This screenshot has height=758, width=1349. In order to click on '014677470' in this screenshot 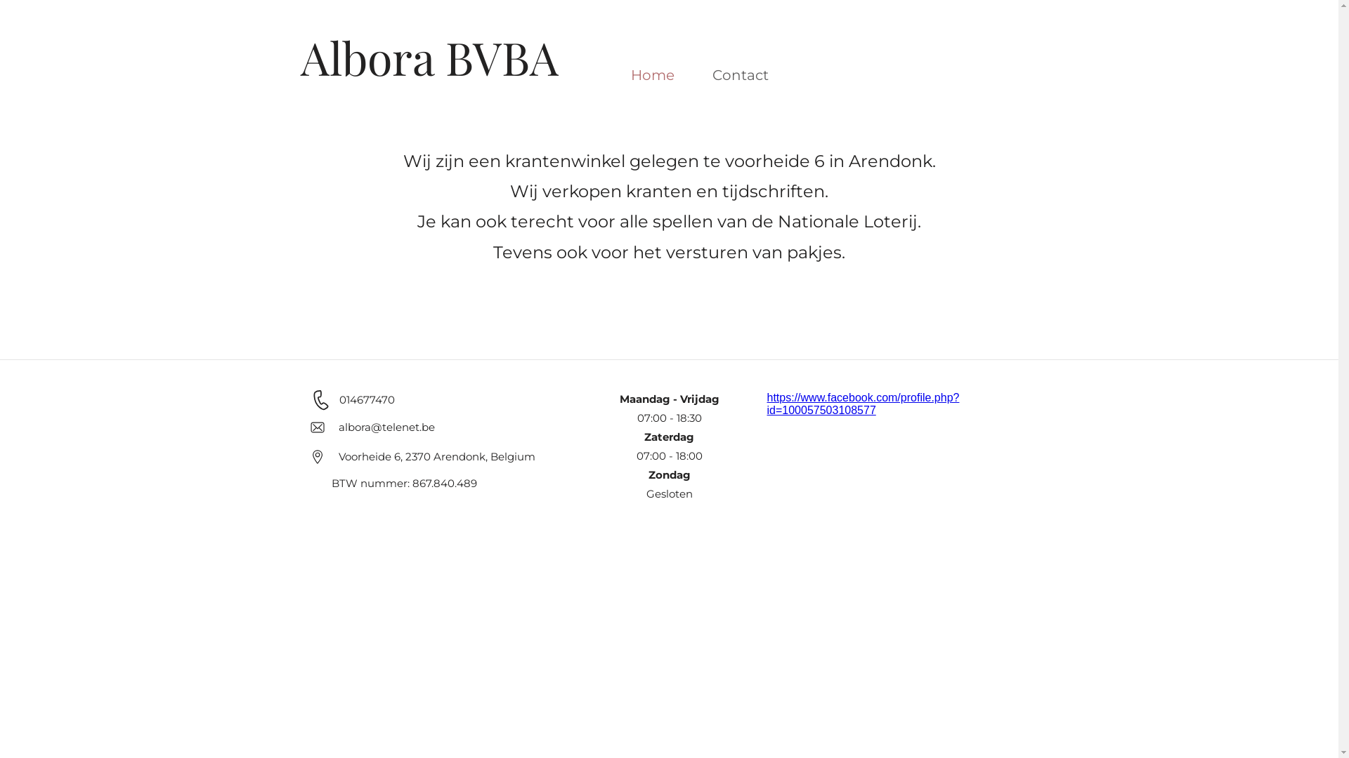, I will do `click(338, 399)`.